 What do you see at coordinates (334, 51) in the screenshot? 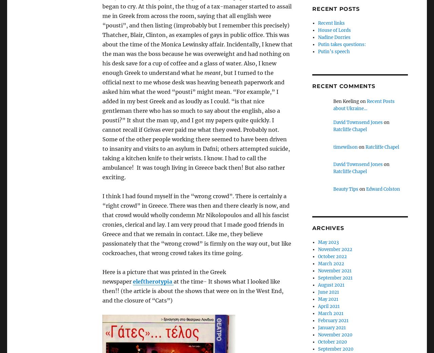
I see `'Putin’s speech'` at bounding box center [334, 51].